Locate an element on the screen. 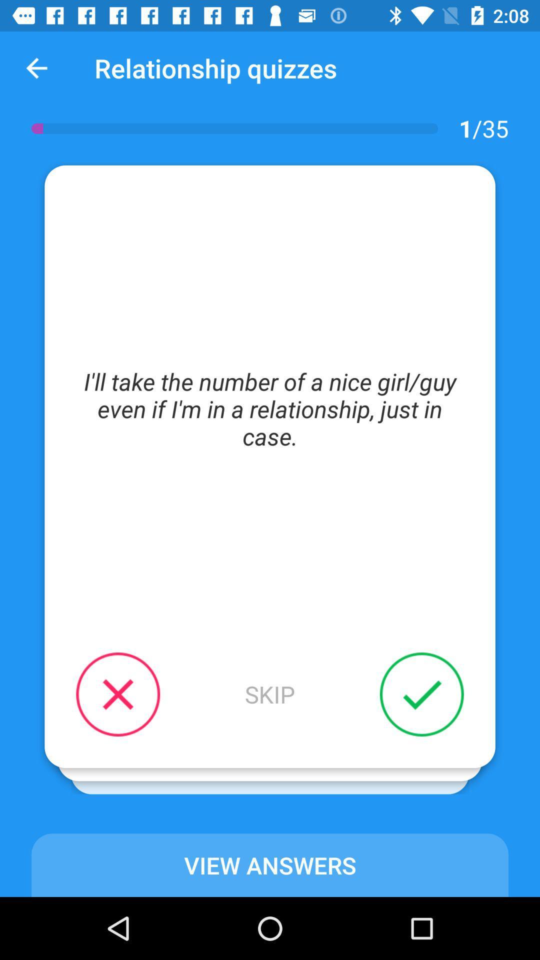  the close icon is located at coordinates (130, 707).